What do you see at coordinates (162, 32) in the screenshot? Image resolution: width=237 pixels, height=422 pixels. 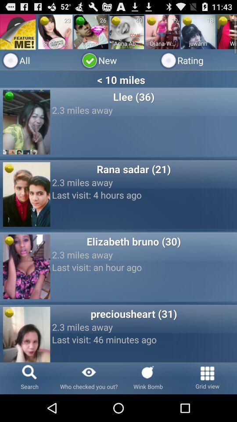 I see `radio button above the new icon` at bounding box center [162, 32].